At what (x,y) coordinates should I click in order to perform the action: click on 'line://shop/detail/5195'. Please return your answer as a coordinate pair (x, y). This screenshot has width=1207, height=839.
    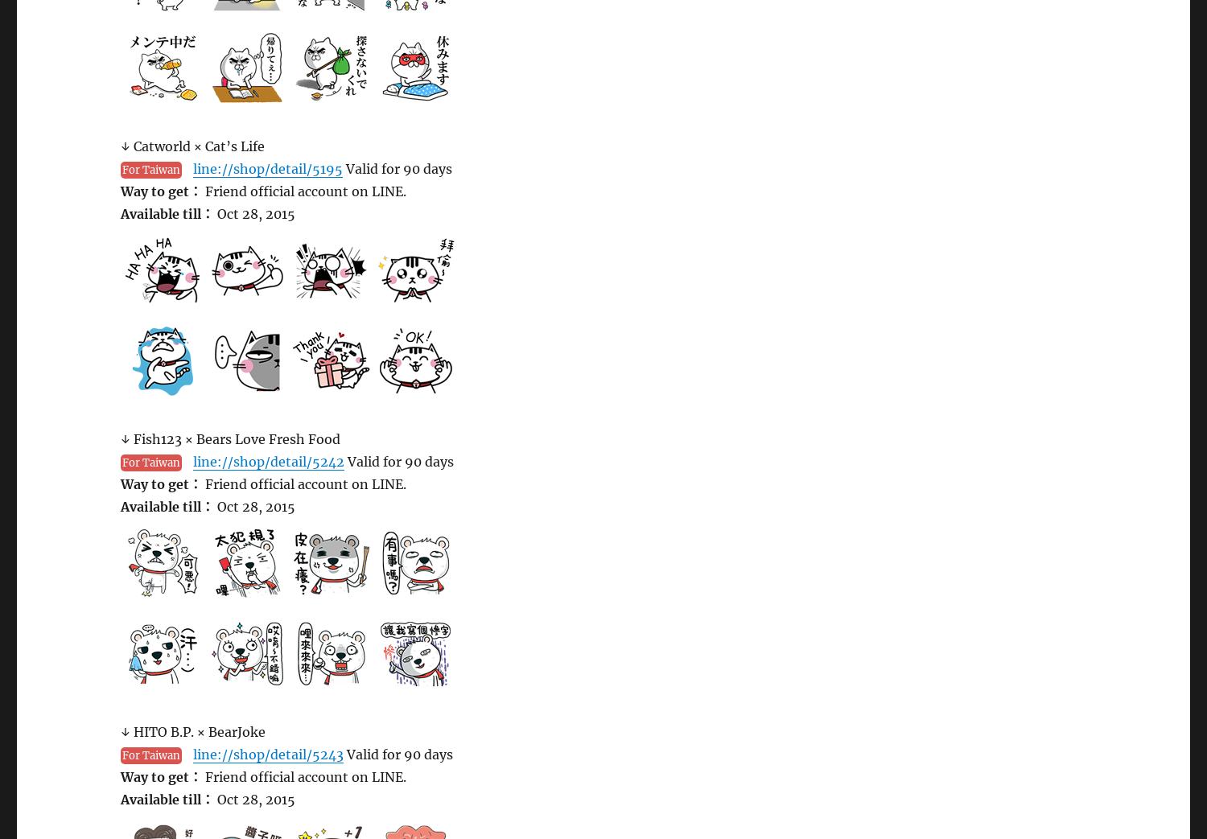
    Looking at the image, I should click on (267, 167).